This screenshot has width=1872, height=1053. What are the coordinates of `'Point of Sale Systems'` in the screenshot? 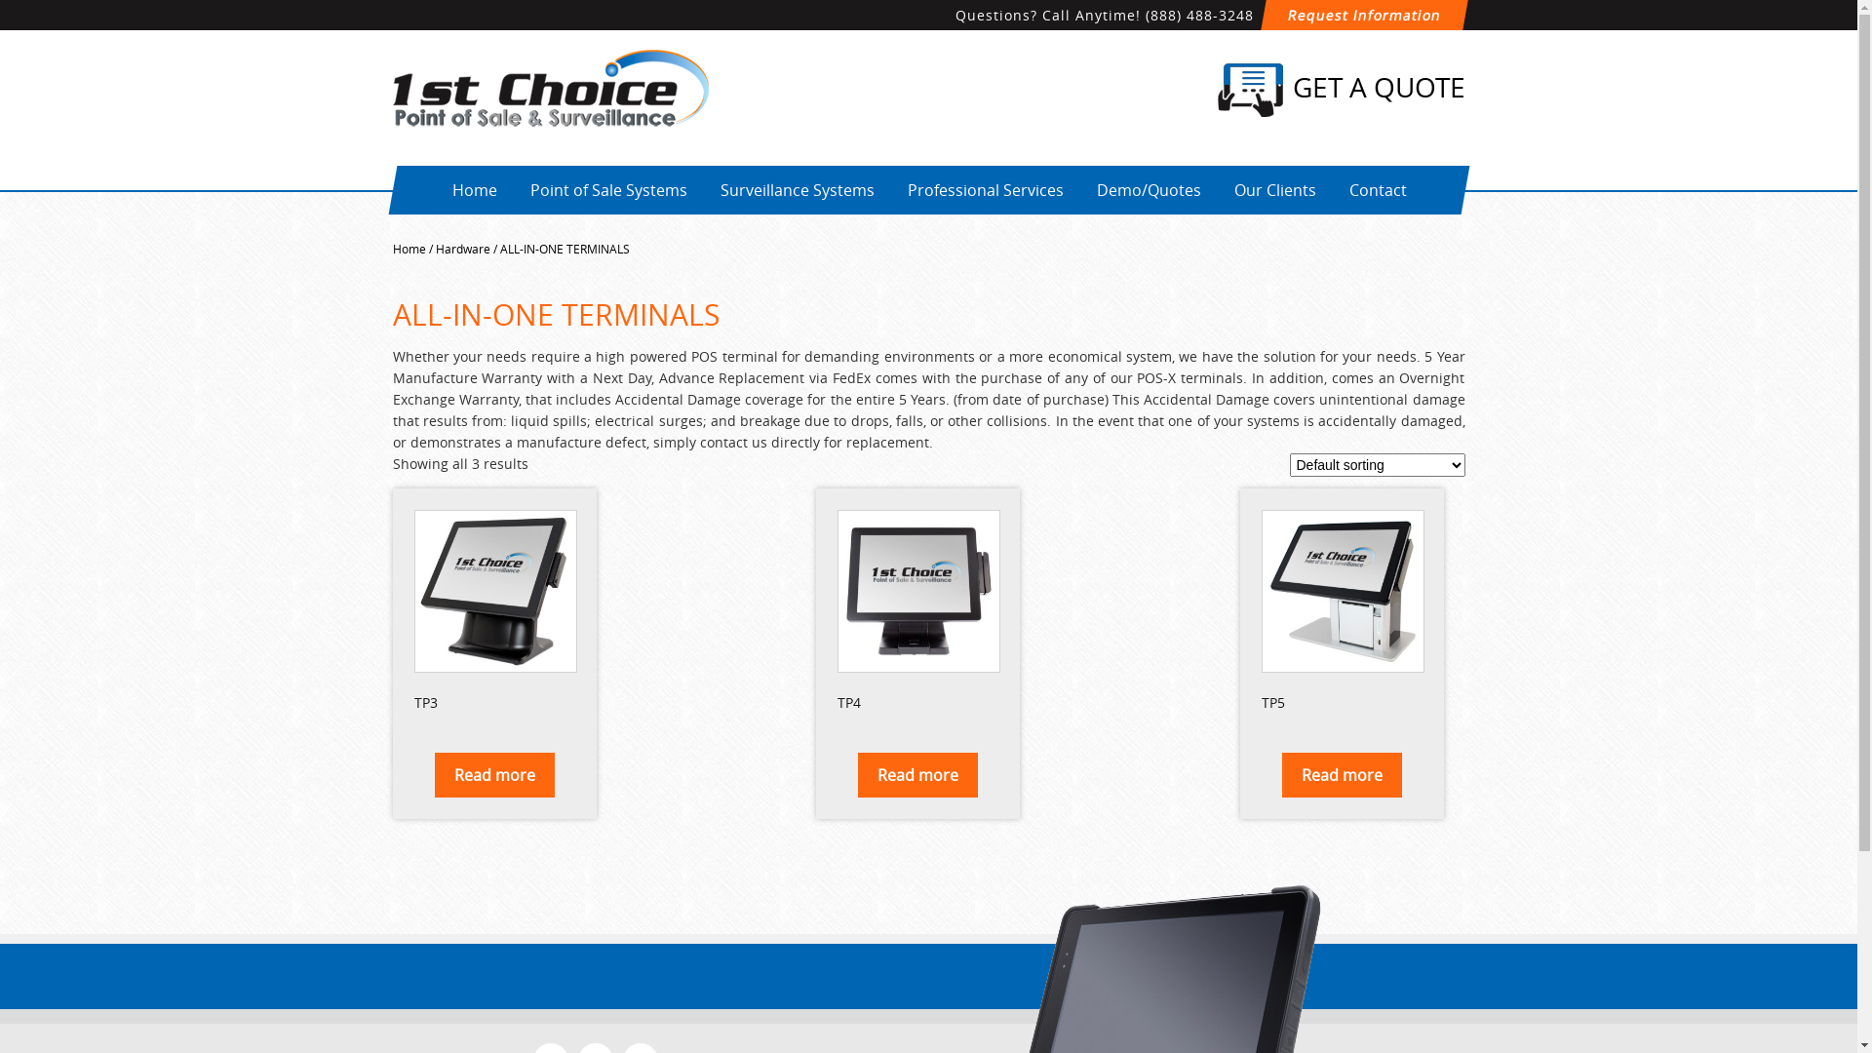 It's located at (606, 190).